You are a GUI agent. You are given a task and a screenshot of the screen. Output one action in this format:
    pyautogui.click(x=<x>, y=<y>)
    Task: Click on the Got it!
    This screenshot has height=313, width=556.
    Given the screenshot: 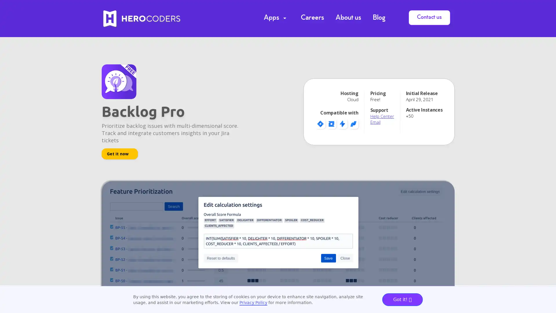 What is the action you would take?
    pyautogui.click(x=402, y=299)
    